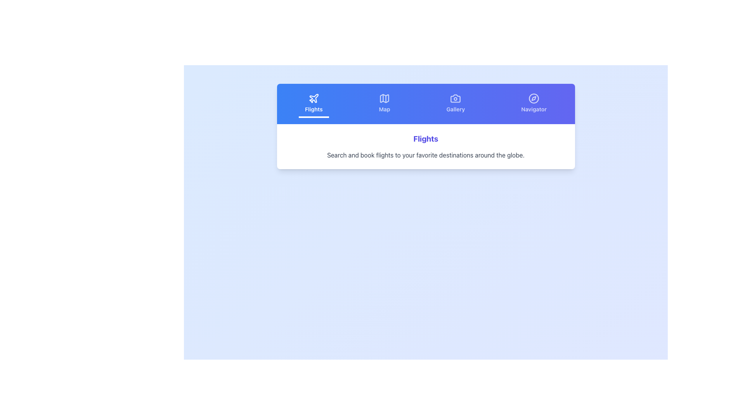  What do you see at coordinates (425, 155) in the screenshot?
I see `the static text element that provides a descriptive explanation of the functionality related to booking flights, located directly below the 'Flights' title` at bounding box center [425, 155].